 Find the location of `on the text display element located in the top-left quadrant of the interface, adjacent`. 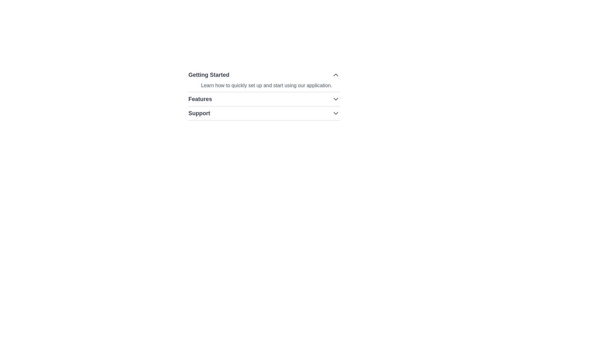

on the text display element located in the top-left quadrant of the interface, adjacent is located at coordinates (200, 99).